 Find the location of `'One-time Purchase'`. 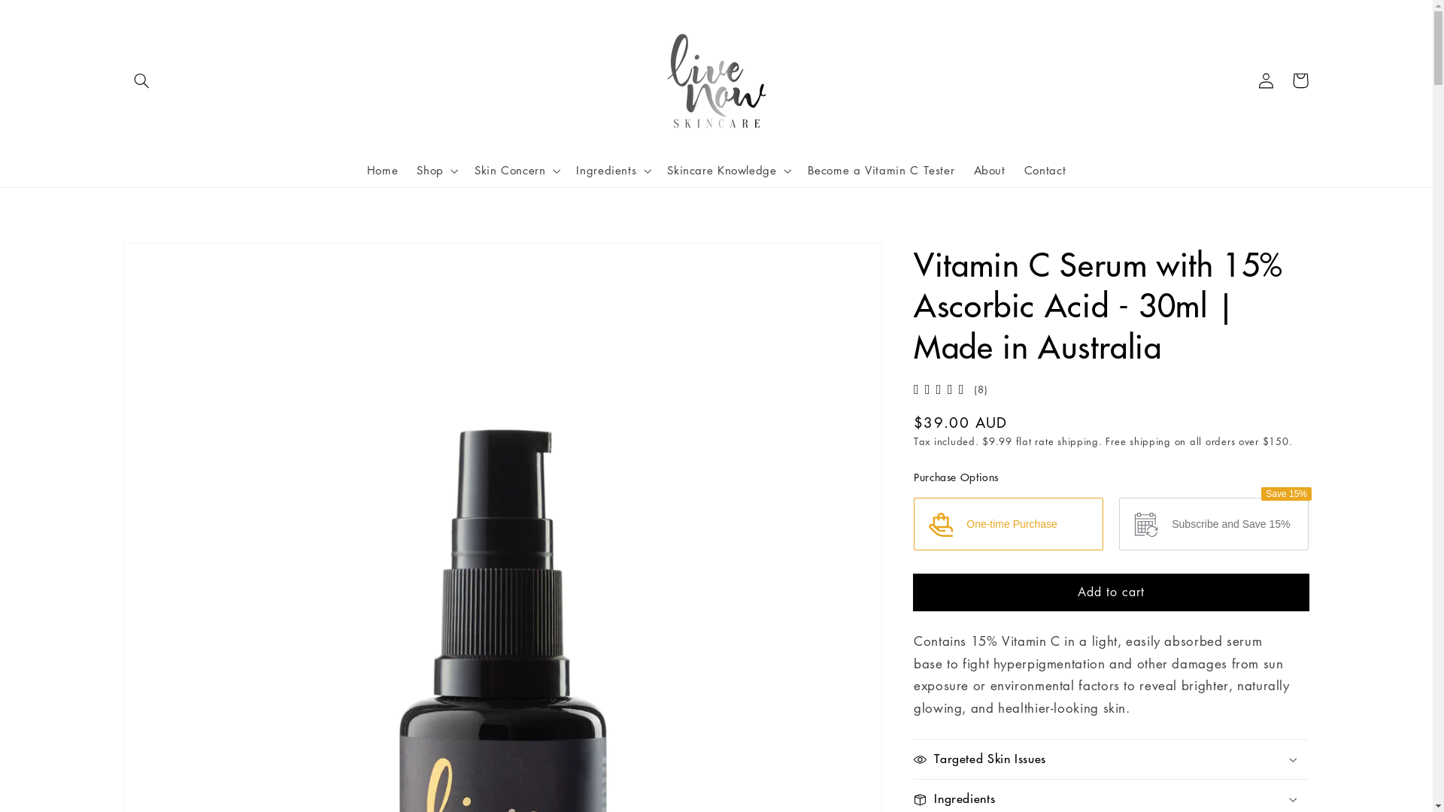

'One-time Purchase' is located at coordinates (912, 524).